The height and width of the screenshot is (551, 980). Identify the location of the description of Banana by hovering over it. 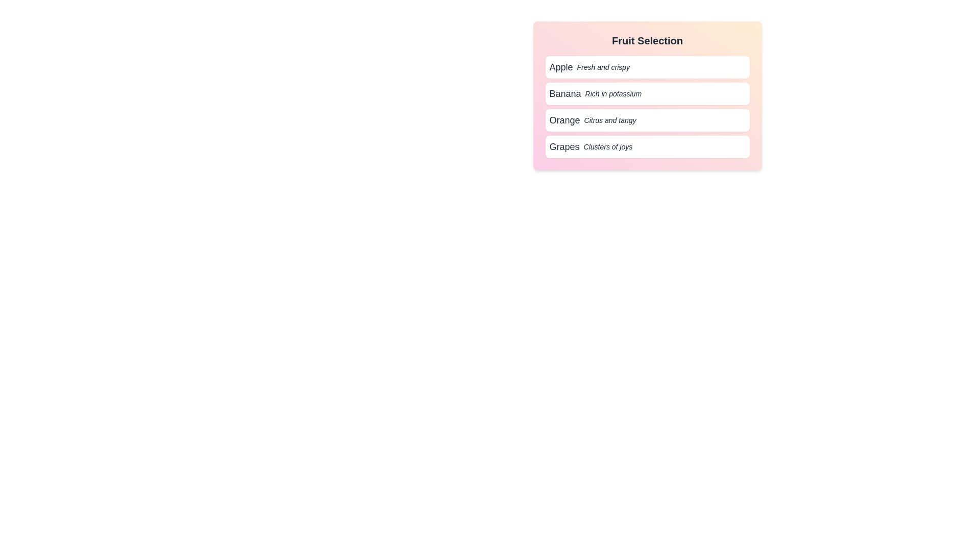
(647, 94).